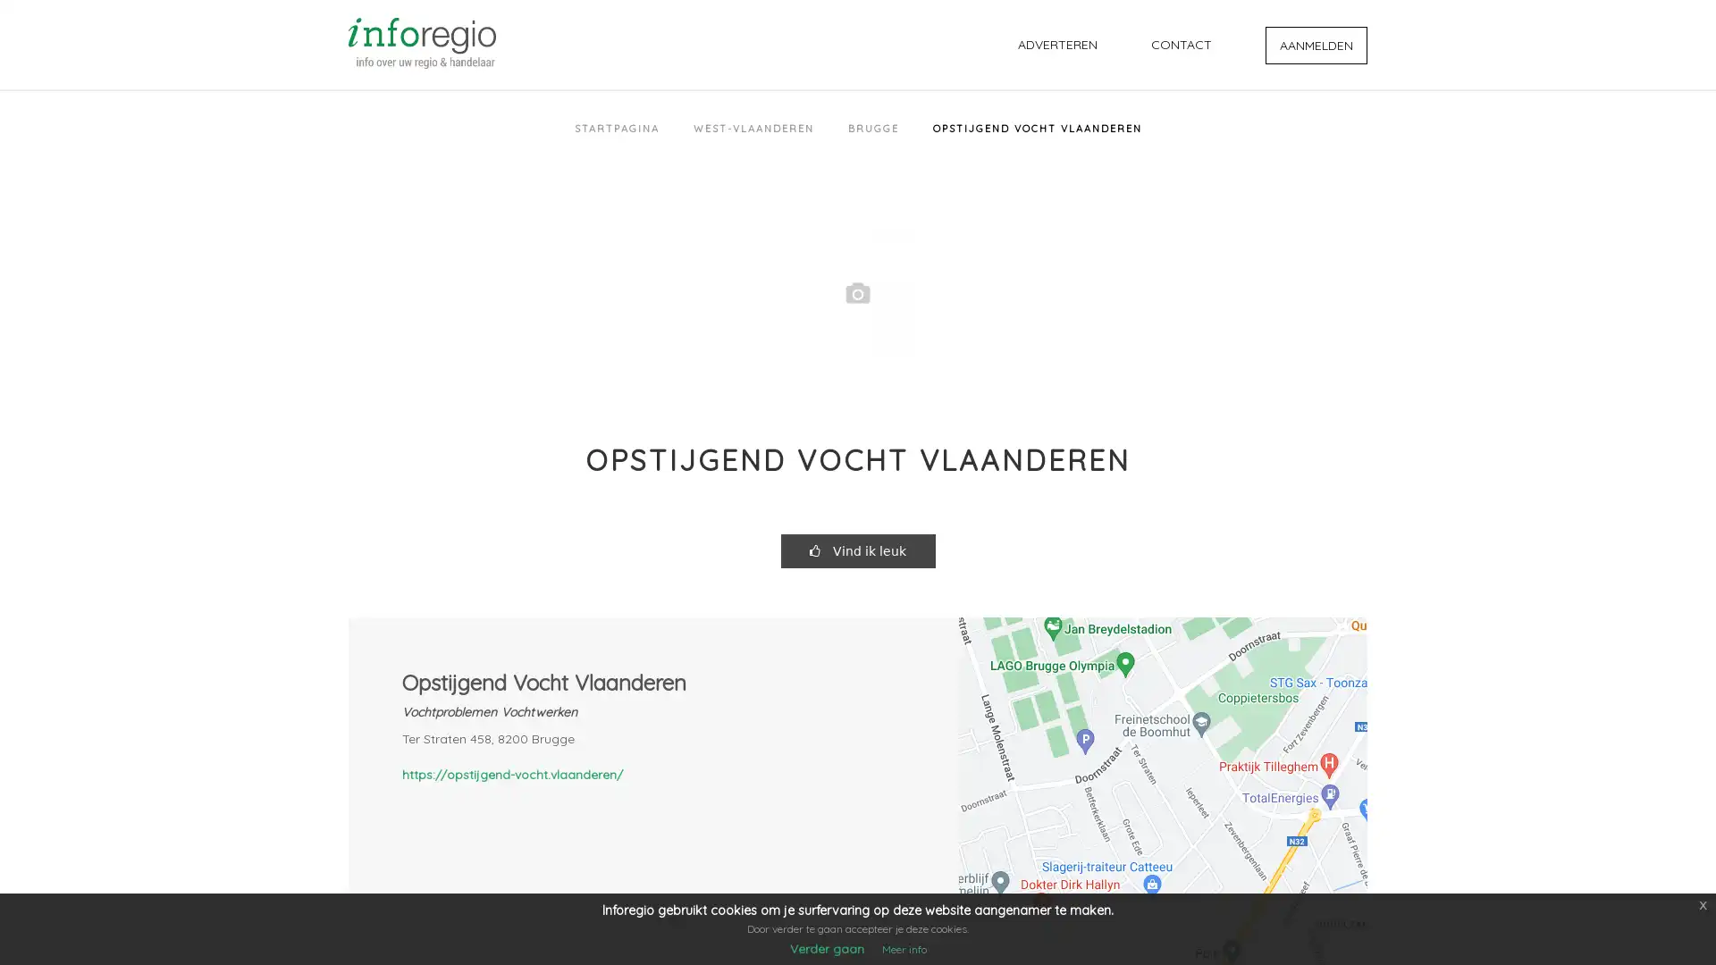 Image resolution: width=1716 pixels, height=965 pixels. I want to click on Toggle fullscreen view, so click(1340, 643).